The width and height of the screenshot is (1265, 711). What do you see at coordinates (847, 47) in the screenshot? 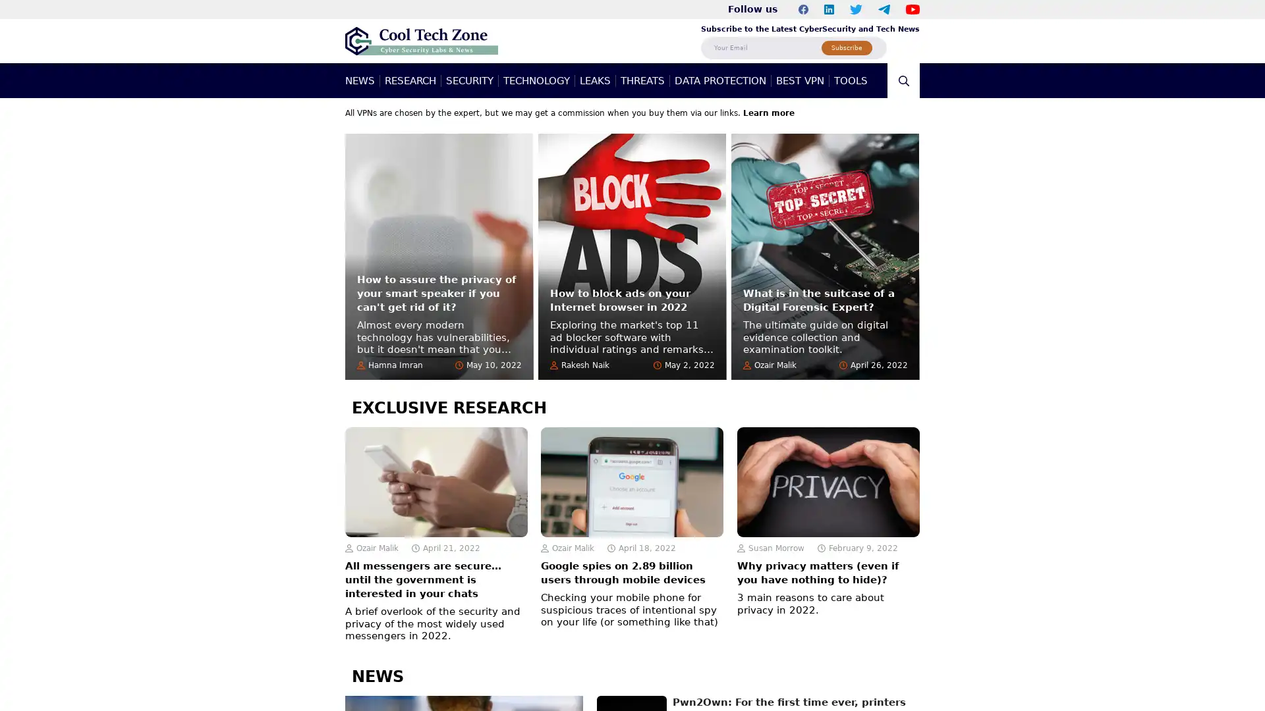
I see `Subscribe` at bounding box center [847, 47].